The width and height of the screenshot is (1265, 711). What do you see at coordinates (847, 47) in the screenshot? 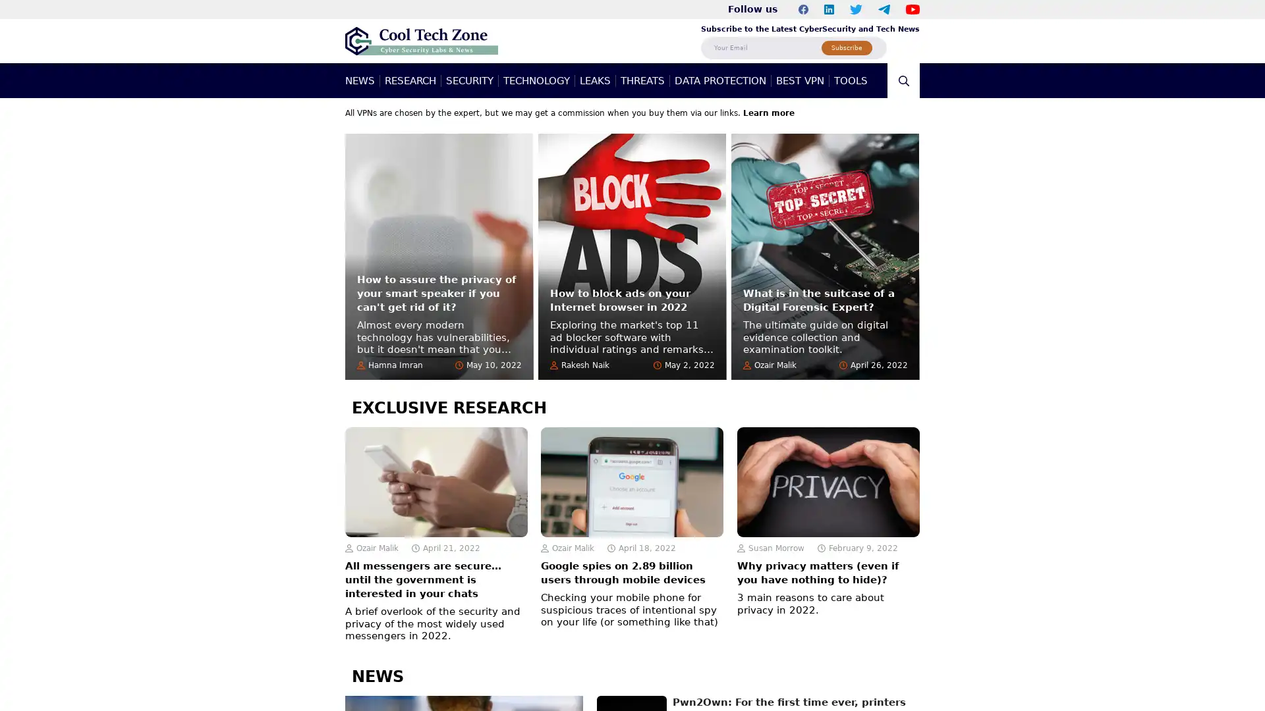
I see `Subscribe` at bounding box center [847, 47].